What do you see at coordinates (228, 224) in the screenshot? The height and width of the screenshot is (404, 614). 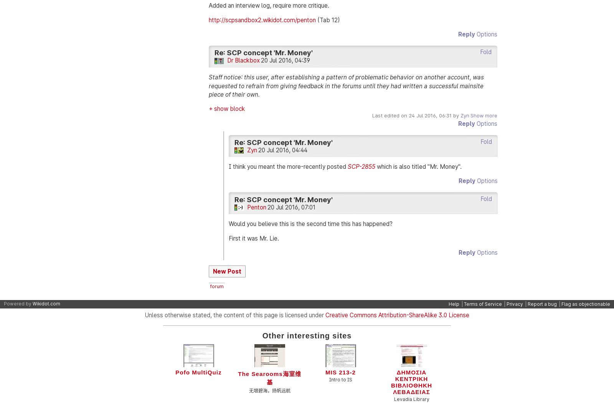 I see `'Would you believe this is the second time this has happened?'` at bounding box center [228, 224].